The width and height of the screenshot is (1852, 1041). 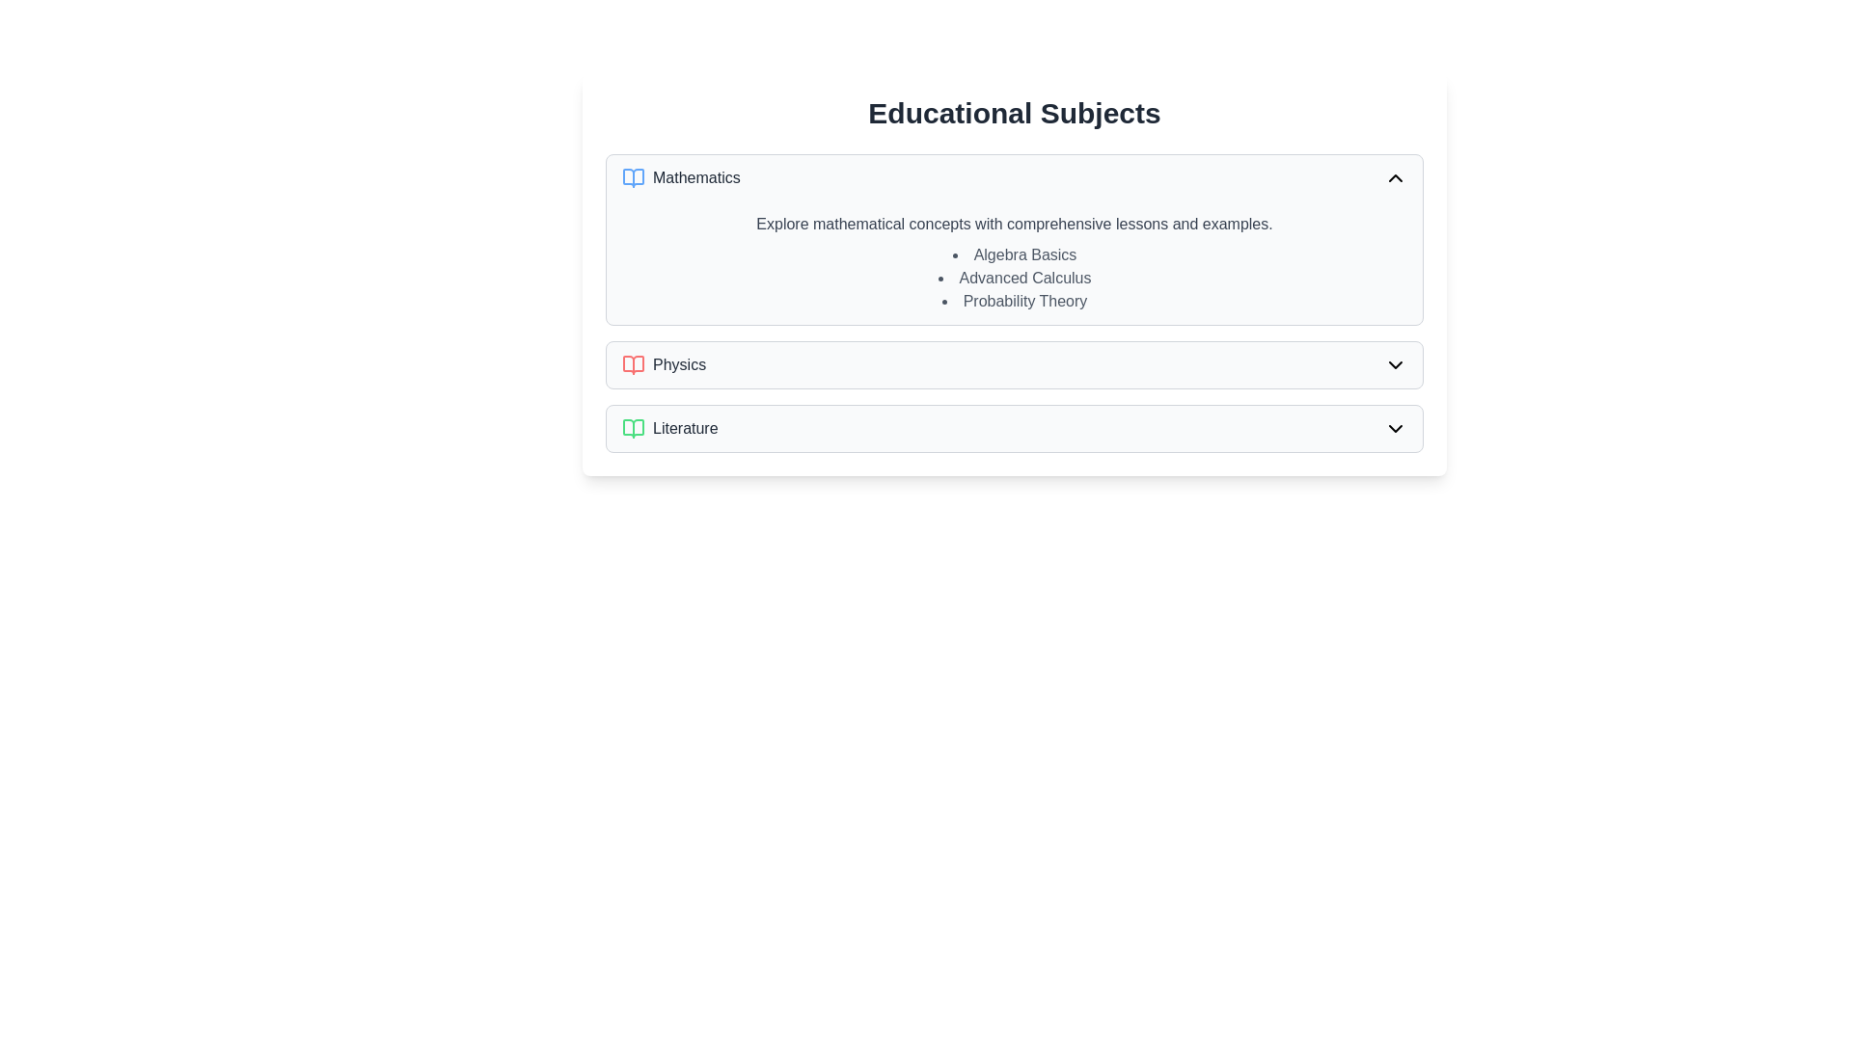 I want to click on the static text label reading 'Advanced Calculus', which is the second item in a bulleted list under the 'Mathematics' section, so click(x=1013, y=279).